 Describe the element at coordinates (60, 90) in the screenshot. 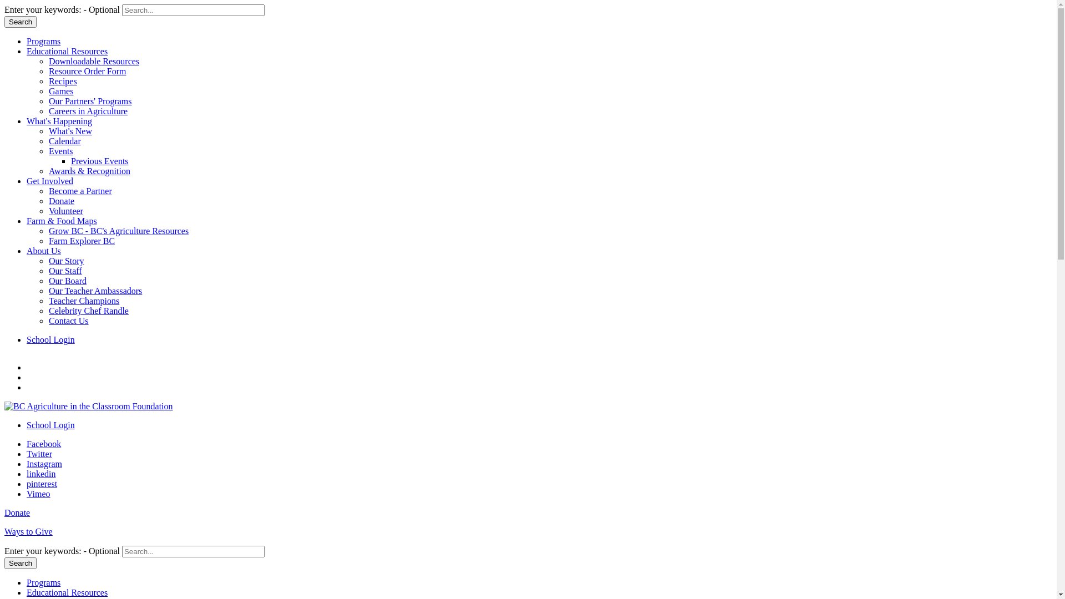

I see `'Games'` at that location.